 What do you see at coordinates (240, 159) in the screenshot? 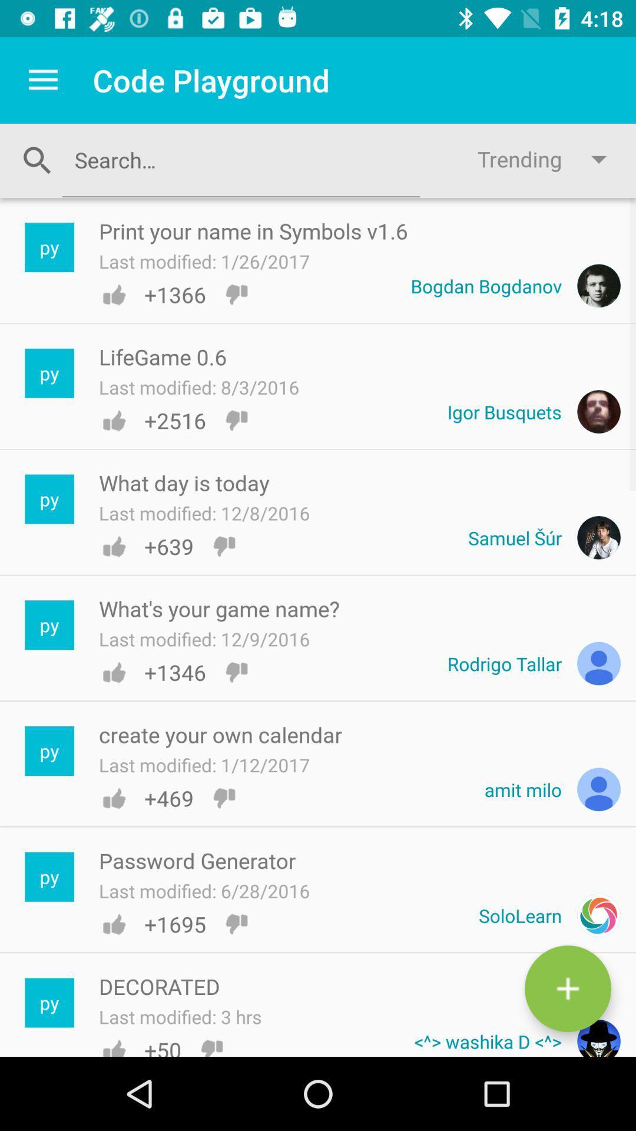
I see `search` at bounding box center [240, 159].